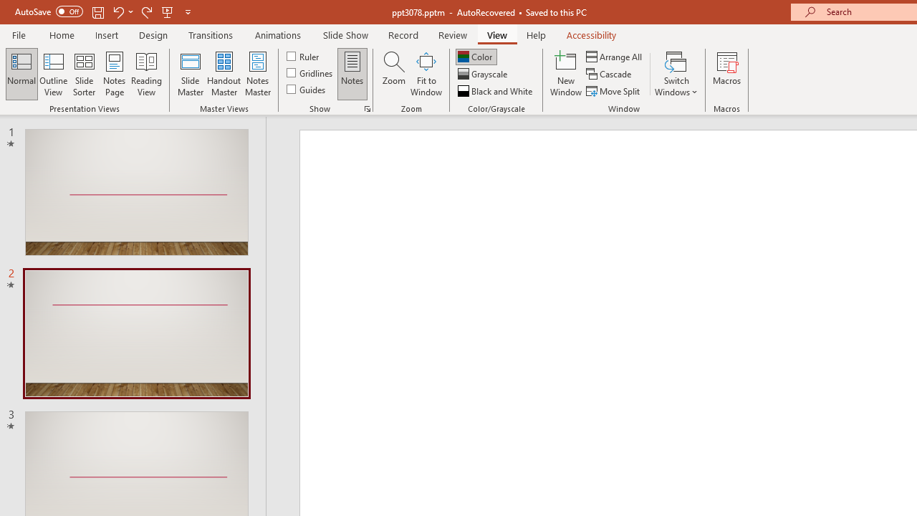 The width and height of the screenshot is (917, 516). Describe the element at coordinates (258, 74) in the screenshot. I see `'Notes Master'` at that location.